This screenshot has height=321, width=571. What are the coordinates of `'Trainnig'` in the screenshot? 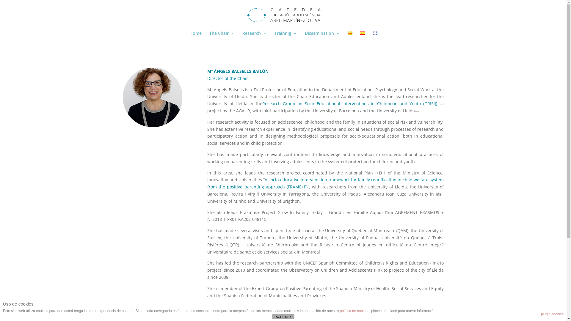 It's located at (285, 37).